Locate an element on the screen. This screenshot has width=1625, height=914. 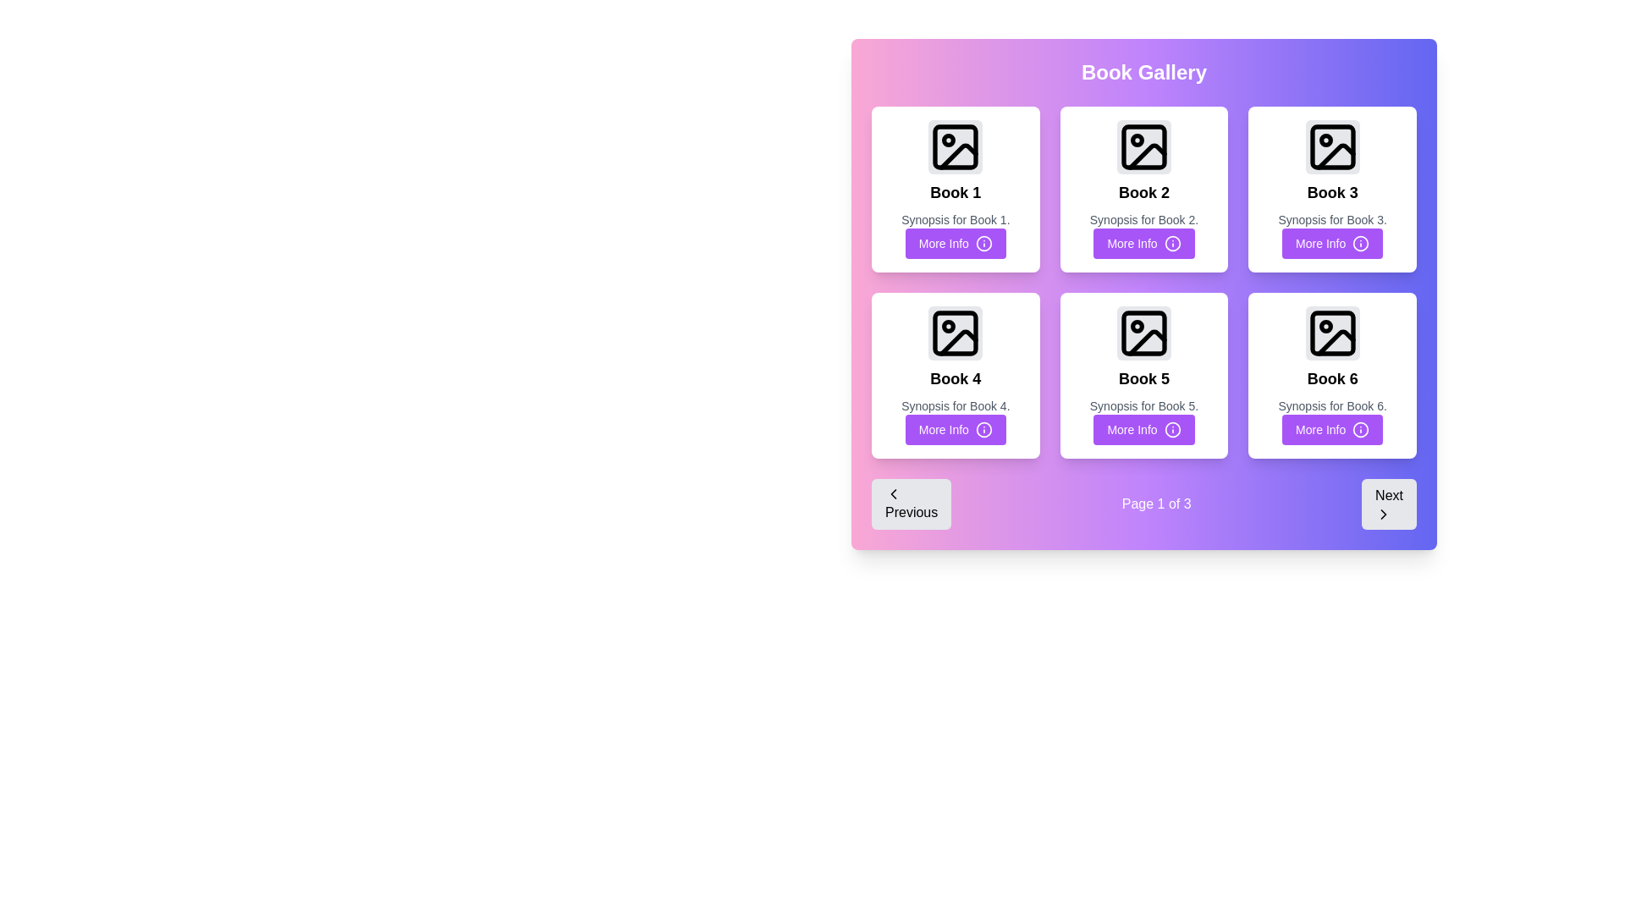
the text label displaying the synopsis for 'Book 3' is located at coordinates (1331, 218).